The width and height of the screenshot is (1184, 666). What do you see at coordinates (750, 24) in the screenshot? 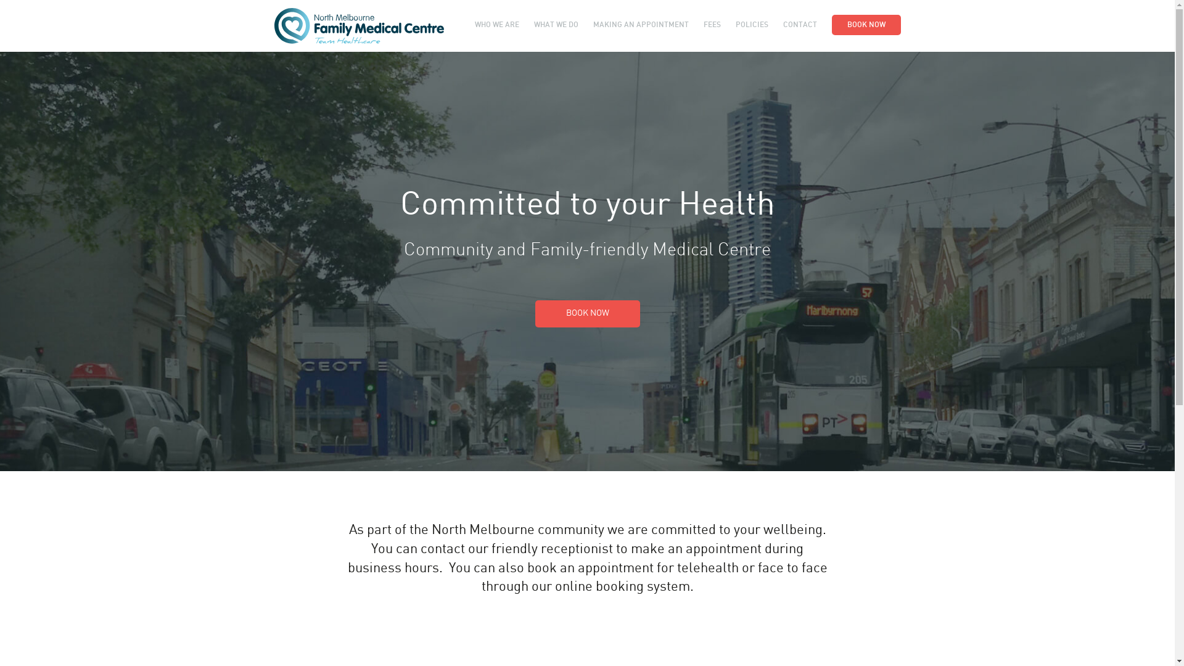
I see `'POLICIES'` at bounding box center [750, 24].